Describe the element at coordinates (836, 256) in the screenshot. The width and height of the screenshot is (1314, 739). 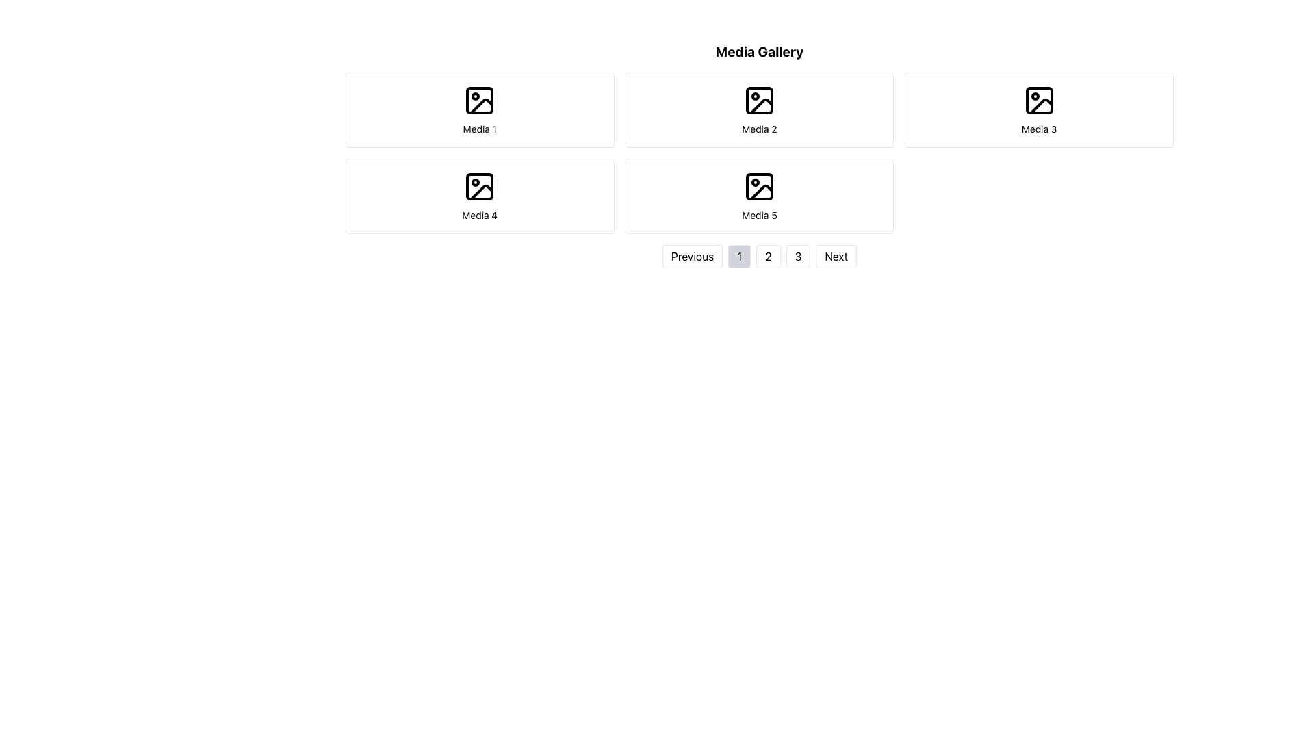
I see `the pagination button located in the bottom-right corner of the section containing navigation controls` at that location.